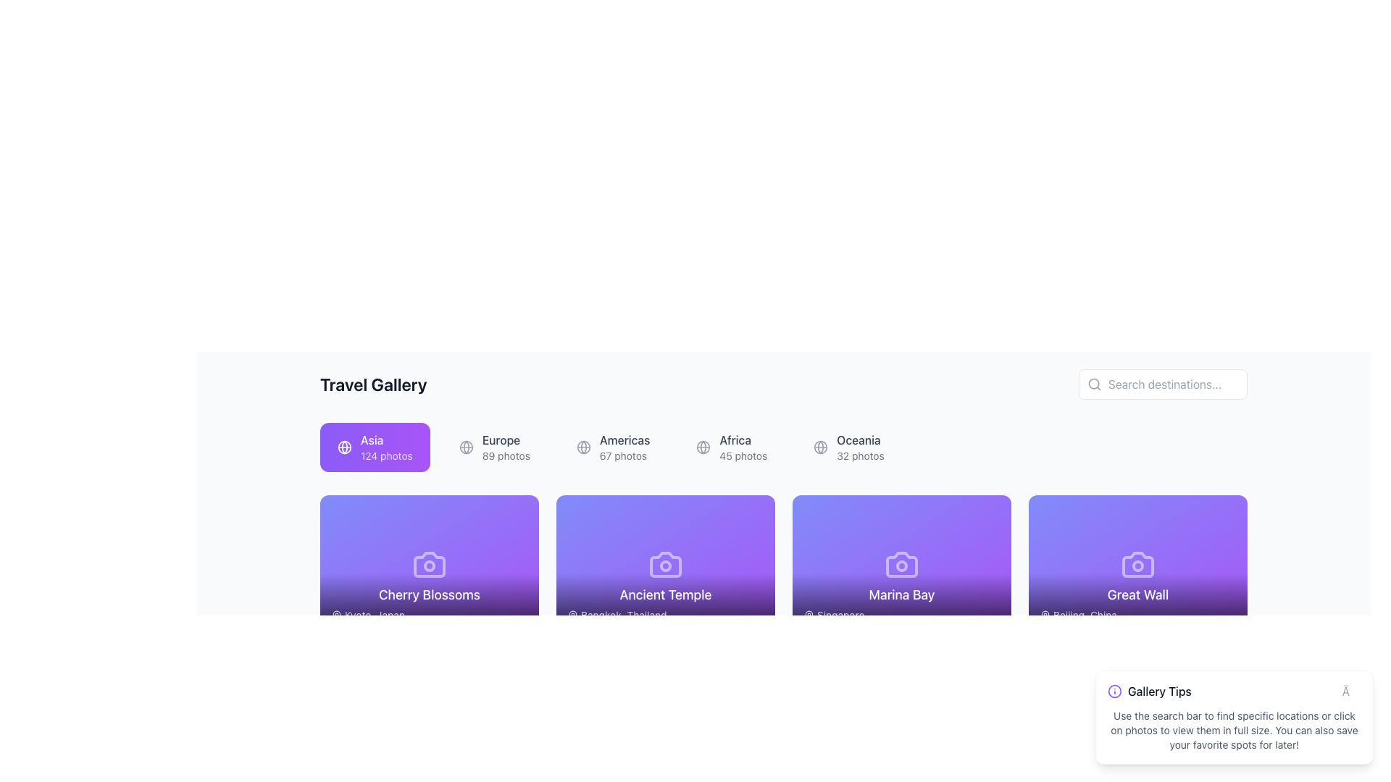  What do you see at coordinates (1137, 615) in the screenshot?
I see `text content of the location description label located under the 'Great Wall' header, which is the second line of text content in the card, aligned horizontally close to its center` at bounding box center [1137, 615].